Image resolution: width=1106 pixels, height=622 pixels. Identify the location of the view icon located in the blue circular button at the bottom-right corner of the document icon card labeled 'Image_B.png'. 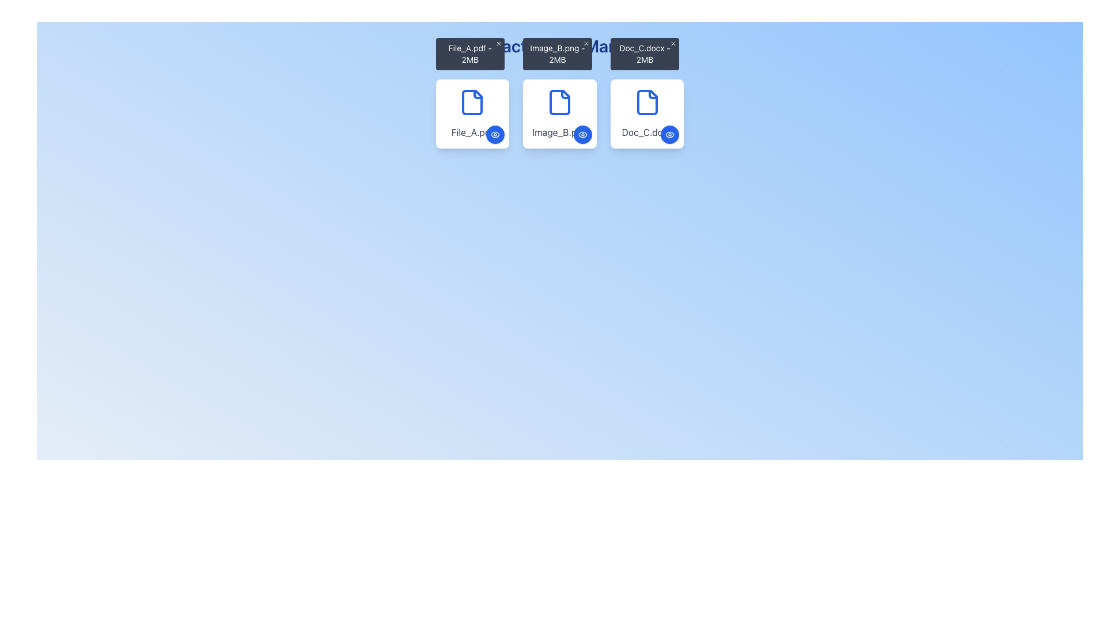
(582, 134).